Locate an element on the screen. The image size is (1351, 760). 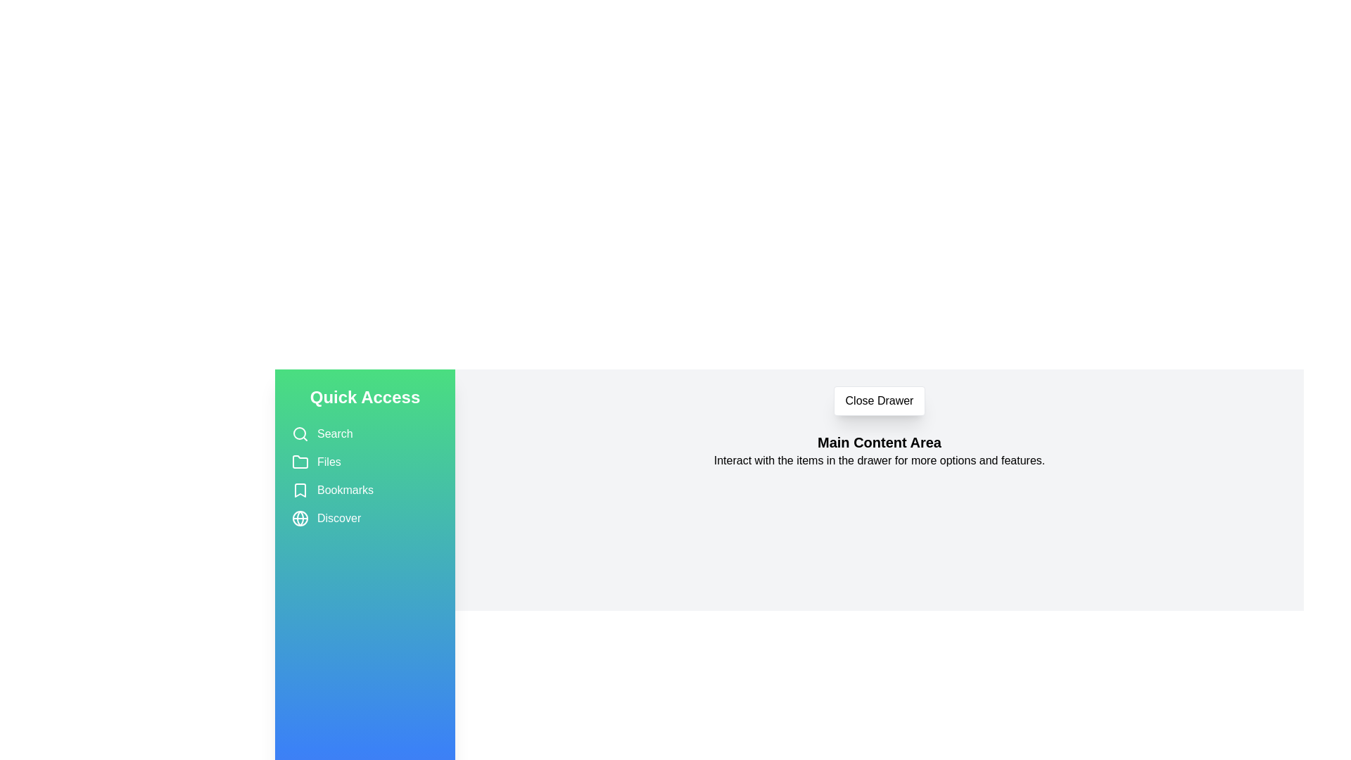
button labeled 'Close Drawer' to toggle the drawer state is located at coordinates (878, 401).